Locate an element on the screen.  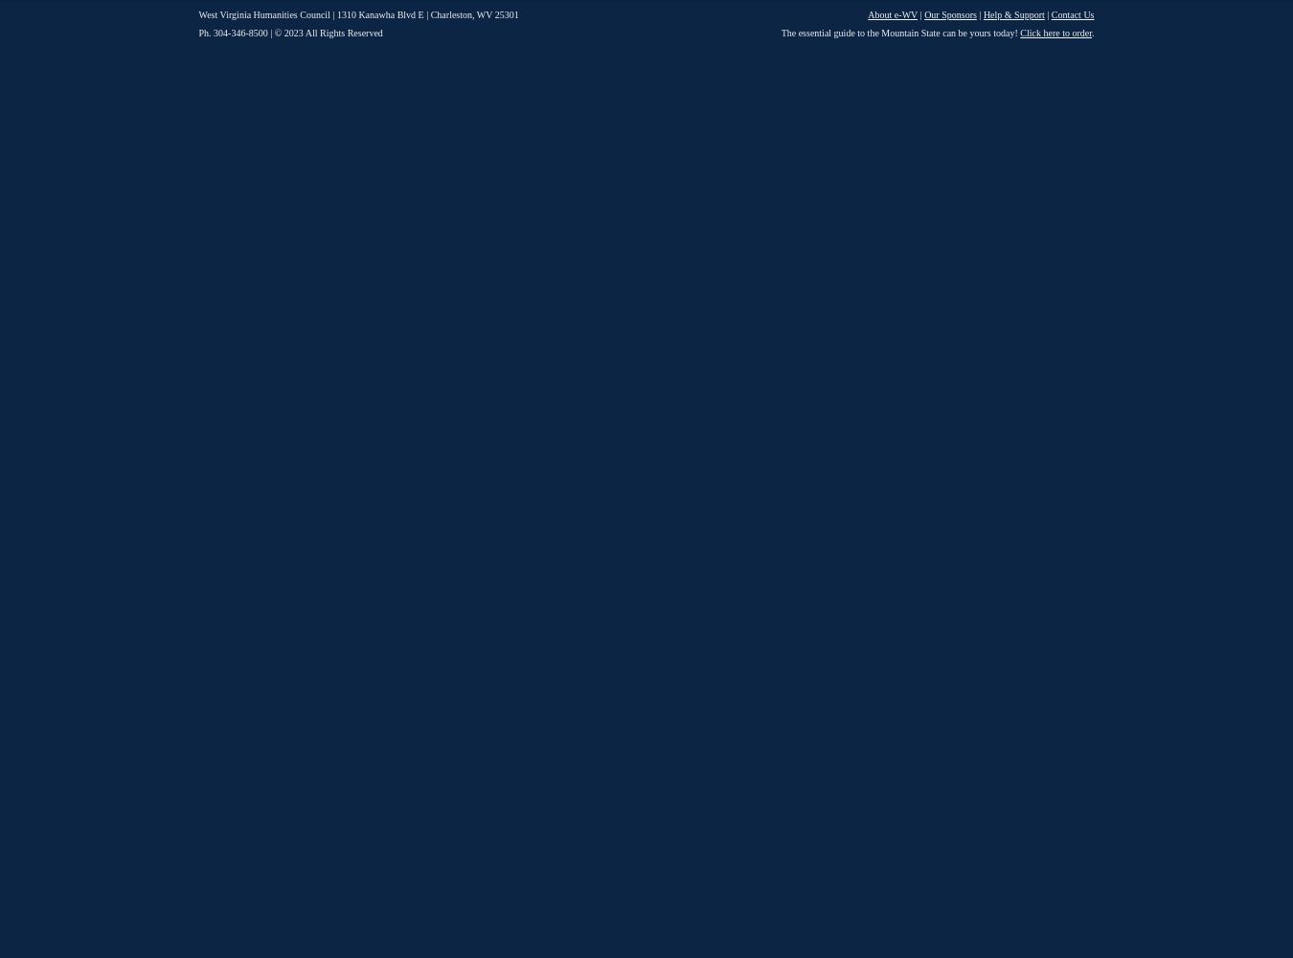
'Contact Us' is located at coordinates (1051, 14).